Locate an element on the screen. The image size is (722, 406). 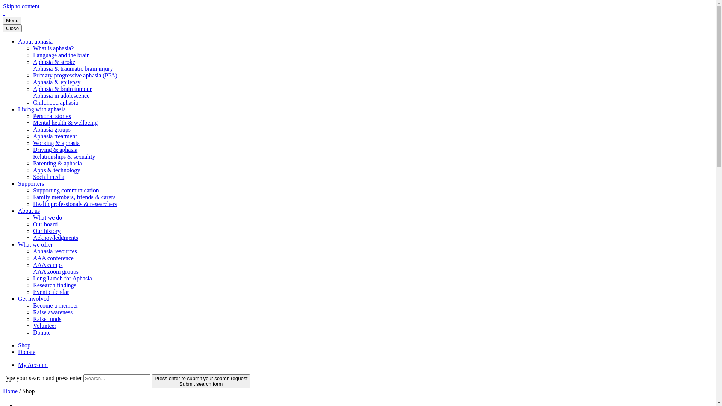
'Aphasia resources' is located at coordinates (55, 251).